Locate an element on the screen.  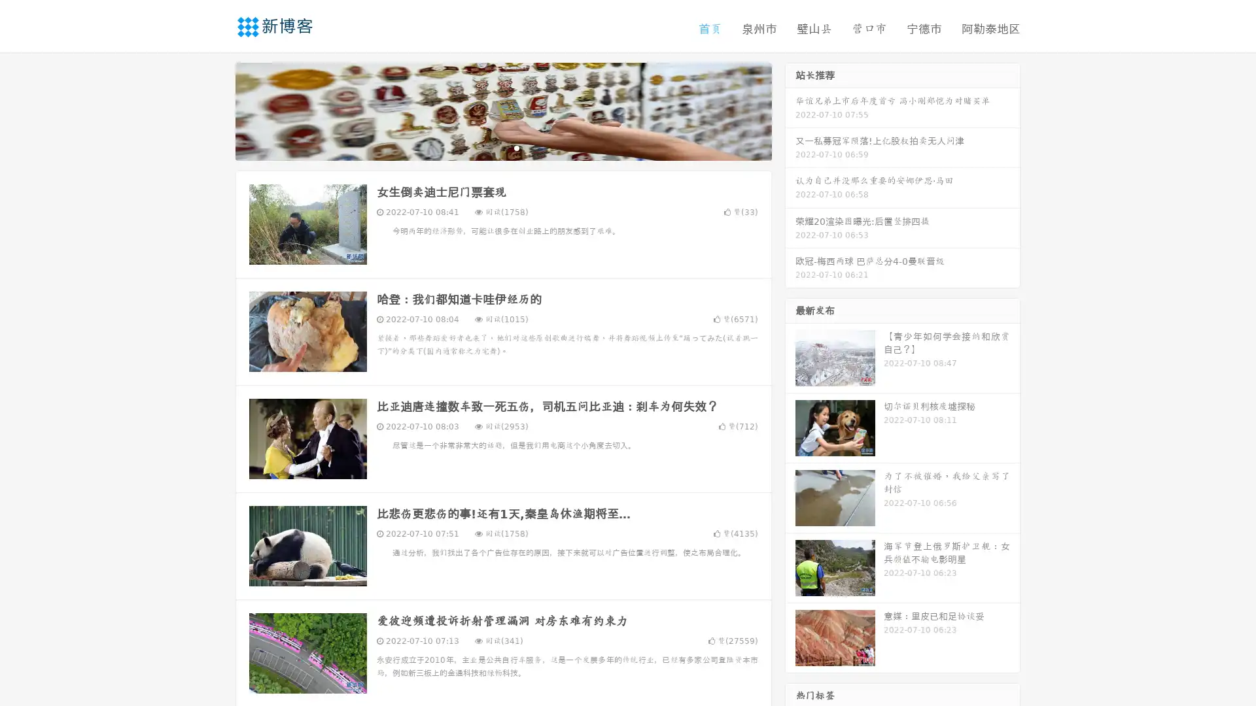
Next slide is located at coordinates (790, 110).